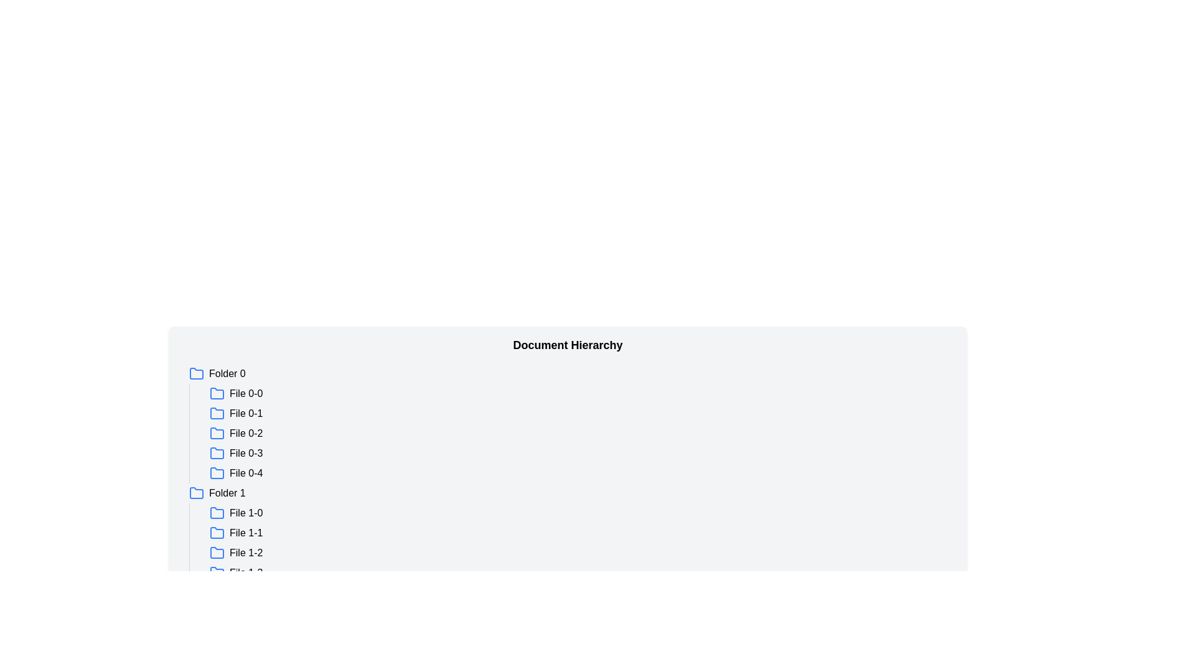 This screenshot has width=1195, height=672. Describe the element at coordinates (246, 573) in the screenshot. I see `the static text label identifying 'File 1-3' next to the folder icon under 'Folder 1'` at that location.